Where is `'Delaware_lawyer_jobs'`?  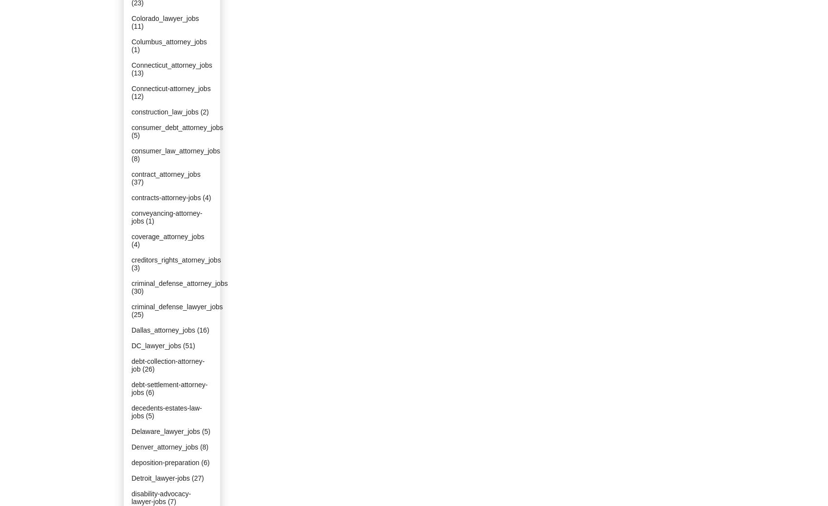 'Delaware_lawyer_jobs' is located at coordinates (165, 431).